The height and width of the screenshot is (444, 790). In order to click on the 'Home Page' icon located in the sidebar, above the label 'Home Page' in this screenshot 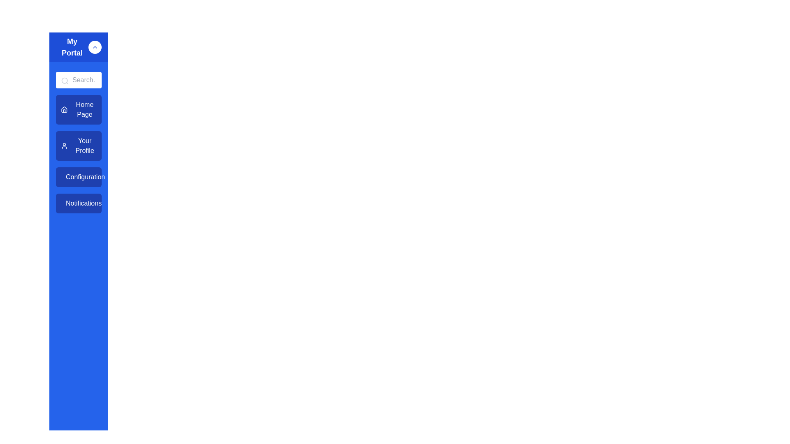, I will do `click(64, 109)`.